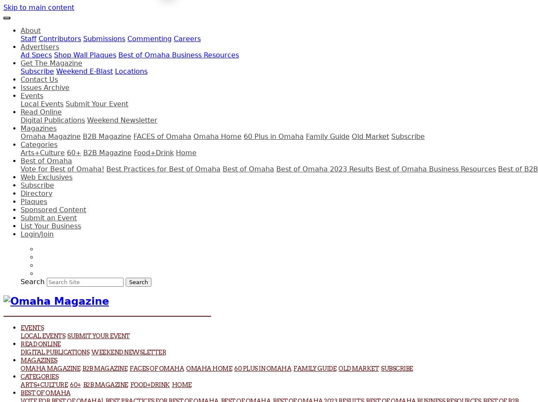 Image resolution: width=538 pixels, height=402 pixels. I want to click on 'Vote for Best of Omaha!', so click(21, 168).